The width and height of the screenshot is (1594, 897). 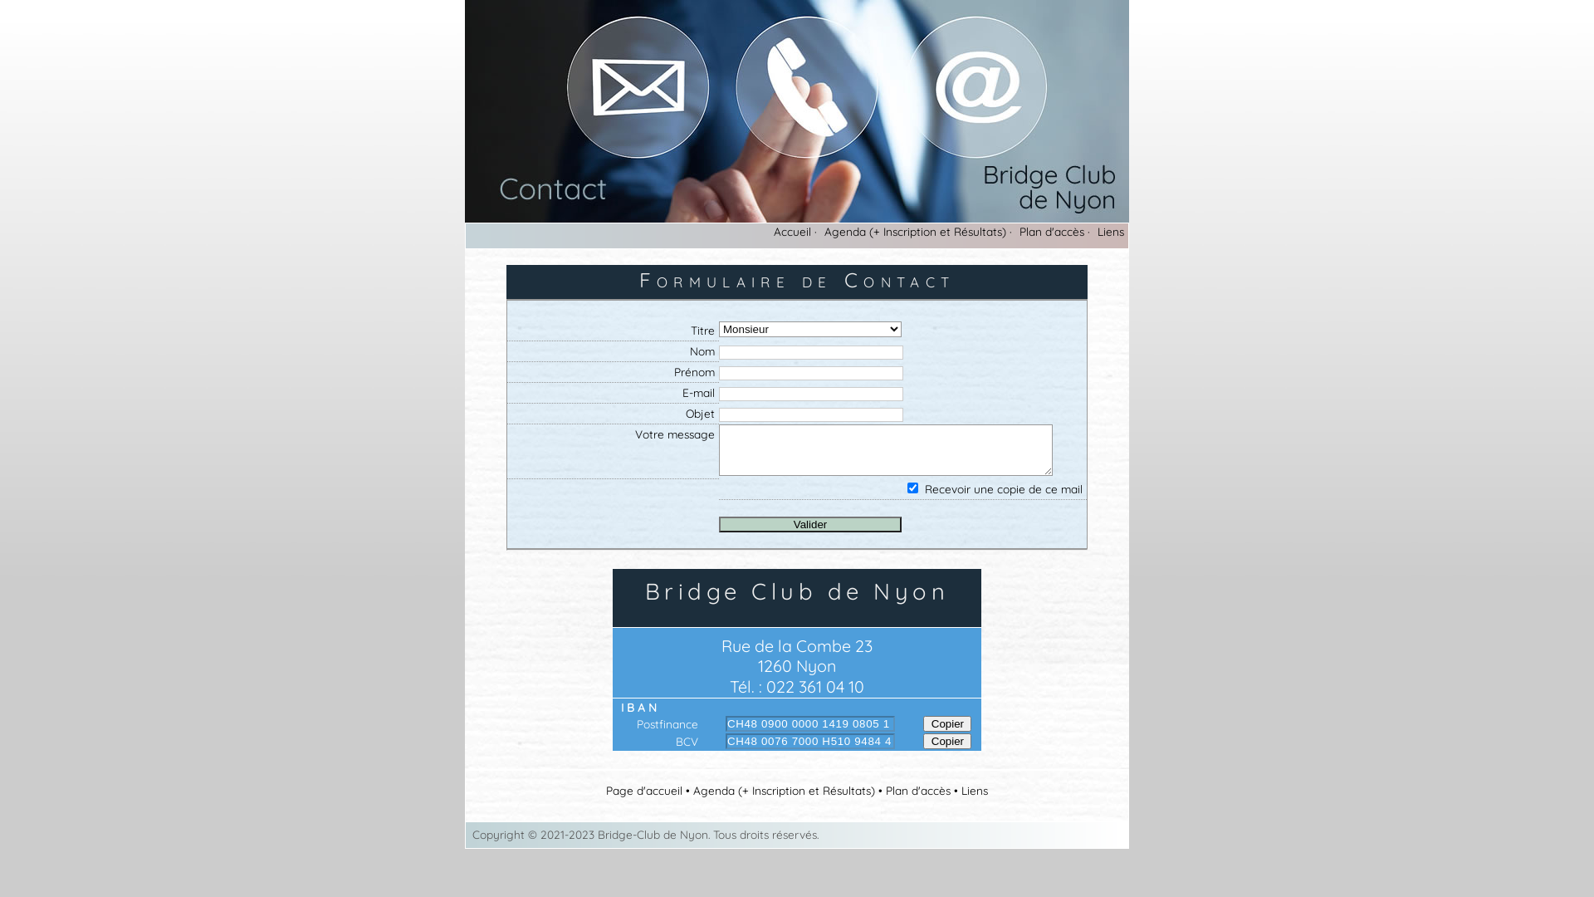 What do you see at coordinates (809, 524) in the screenshot?
I see `'Valider'` at bounding box center [809, 524].